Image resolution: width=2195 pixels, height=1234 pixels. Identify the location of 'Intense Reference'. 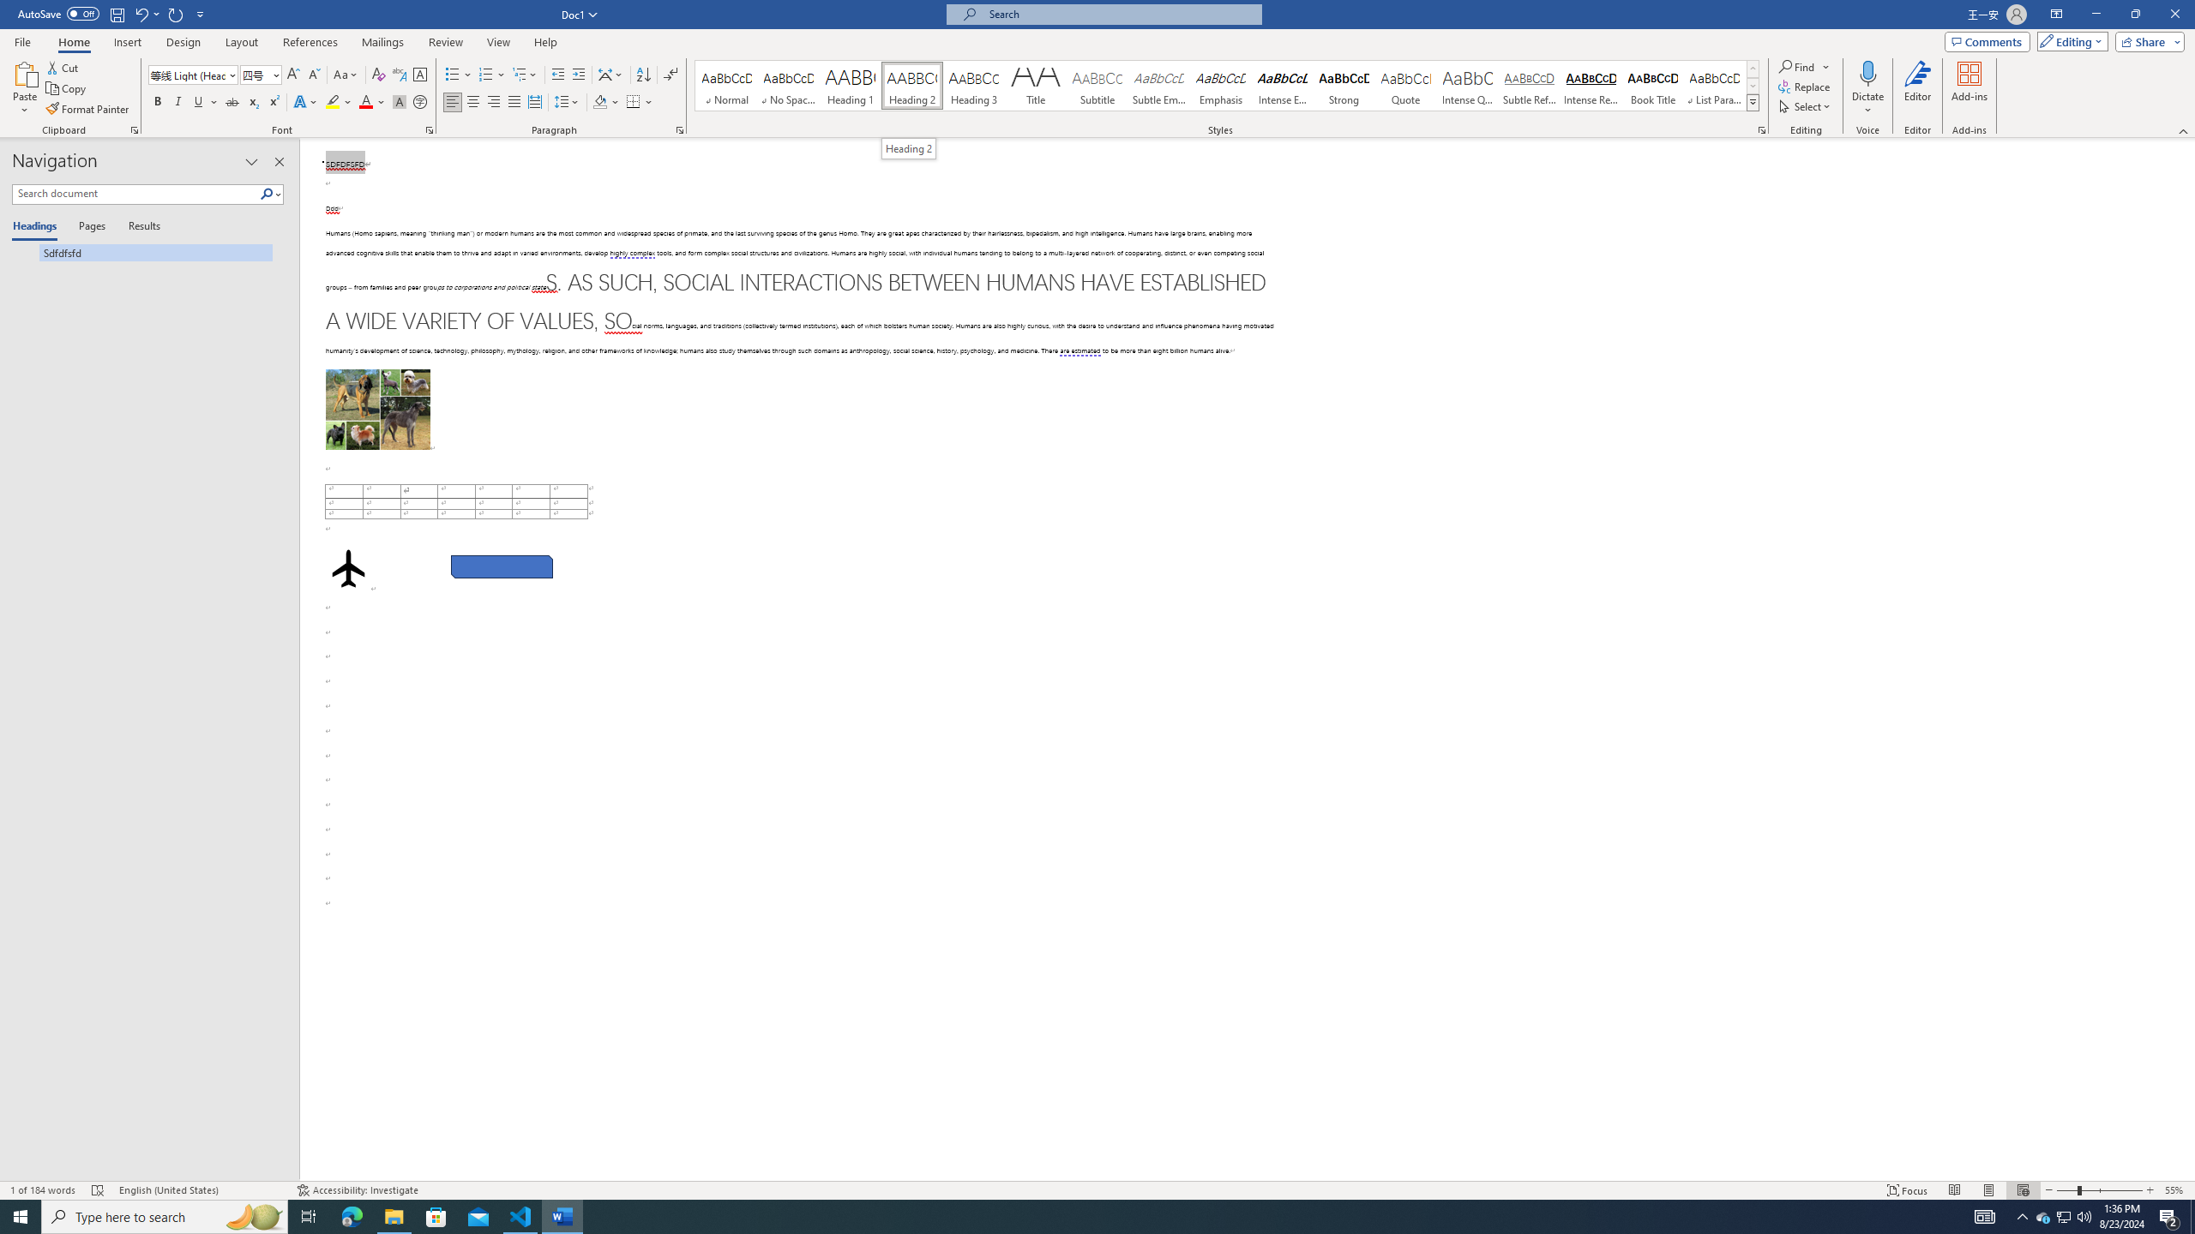
(1591, 85).